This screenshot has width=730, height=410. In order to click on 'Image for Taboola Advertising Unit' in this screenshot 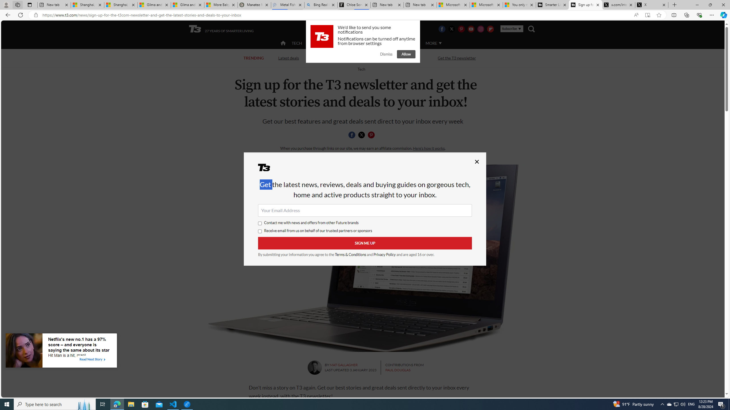, I will do `click(24, 351)`.